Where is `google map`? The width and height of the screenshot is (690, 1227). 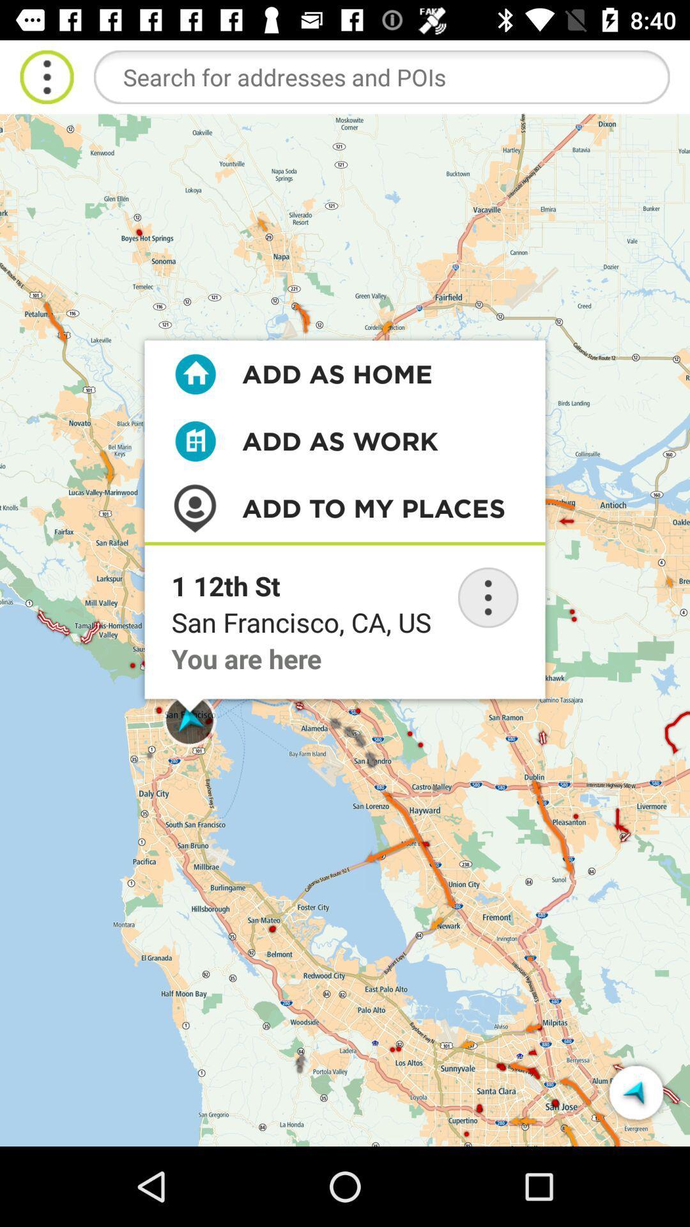
google map is located at coordinates (381, 76).